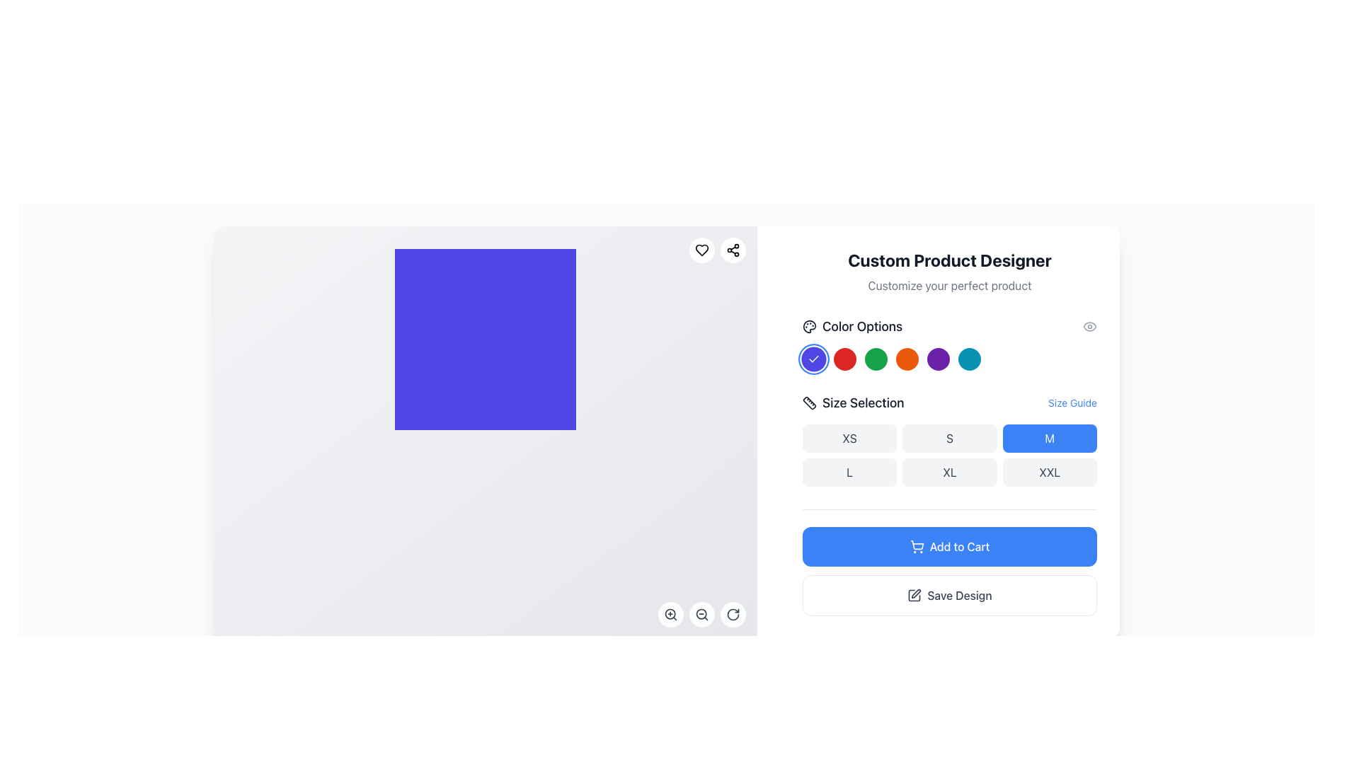 The width and height of the screenshot is (1359, 764). Describe the element at coordinates (950, 260) in the screenshot. I see `the Header text element that indicates the main feature of designing custom products, positioned at the top of the right-hand pane above the text 'Customize your perfect product'` at that location.